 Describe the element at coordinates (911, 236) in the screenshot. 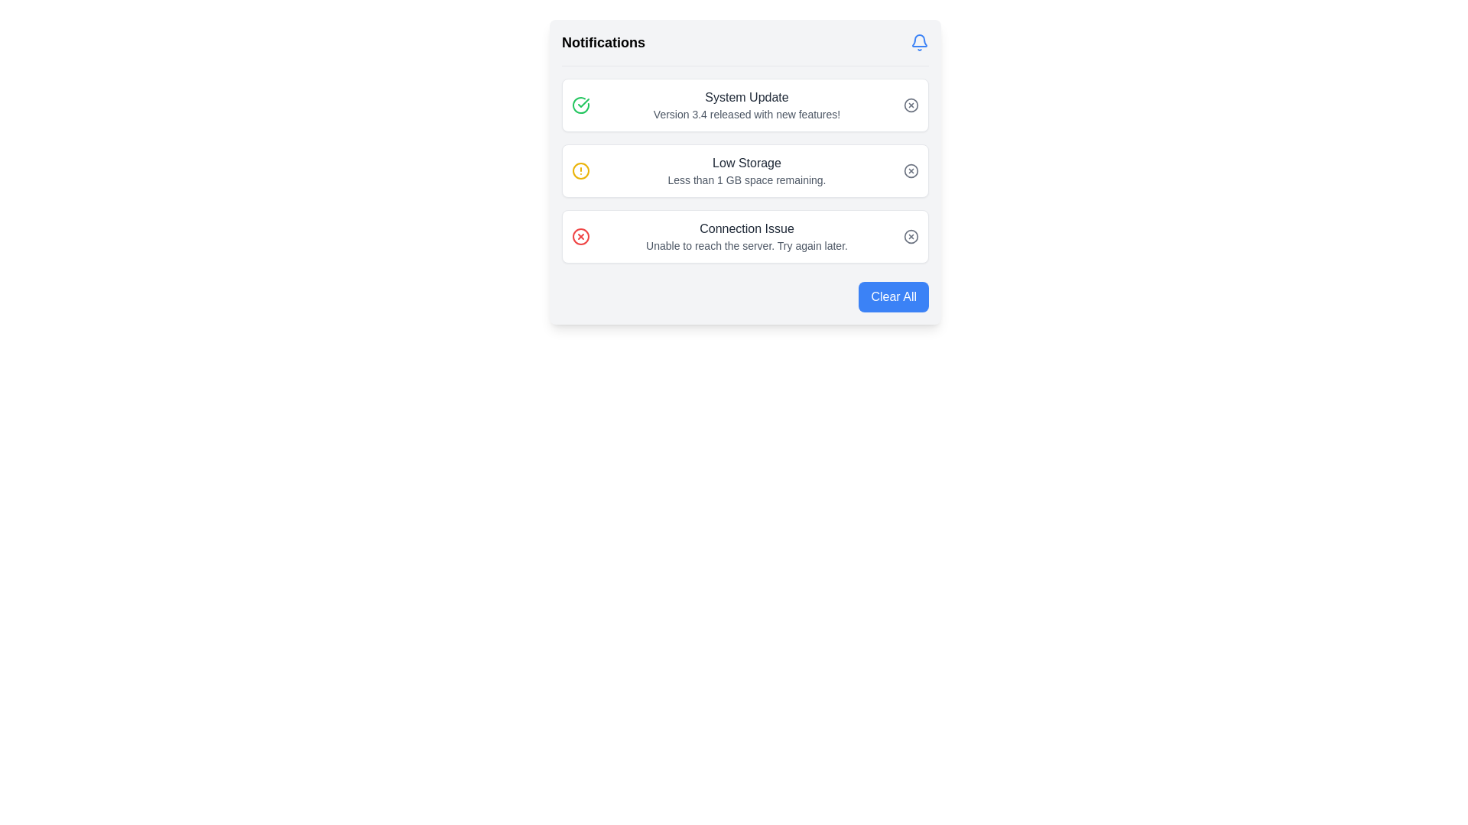

I see `the dismiss button located at the far-right edge of the 'Connection Issue' notification` at that location.